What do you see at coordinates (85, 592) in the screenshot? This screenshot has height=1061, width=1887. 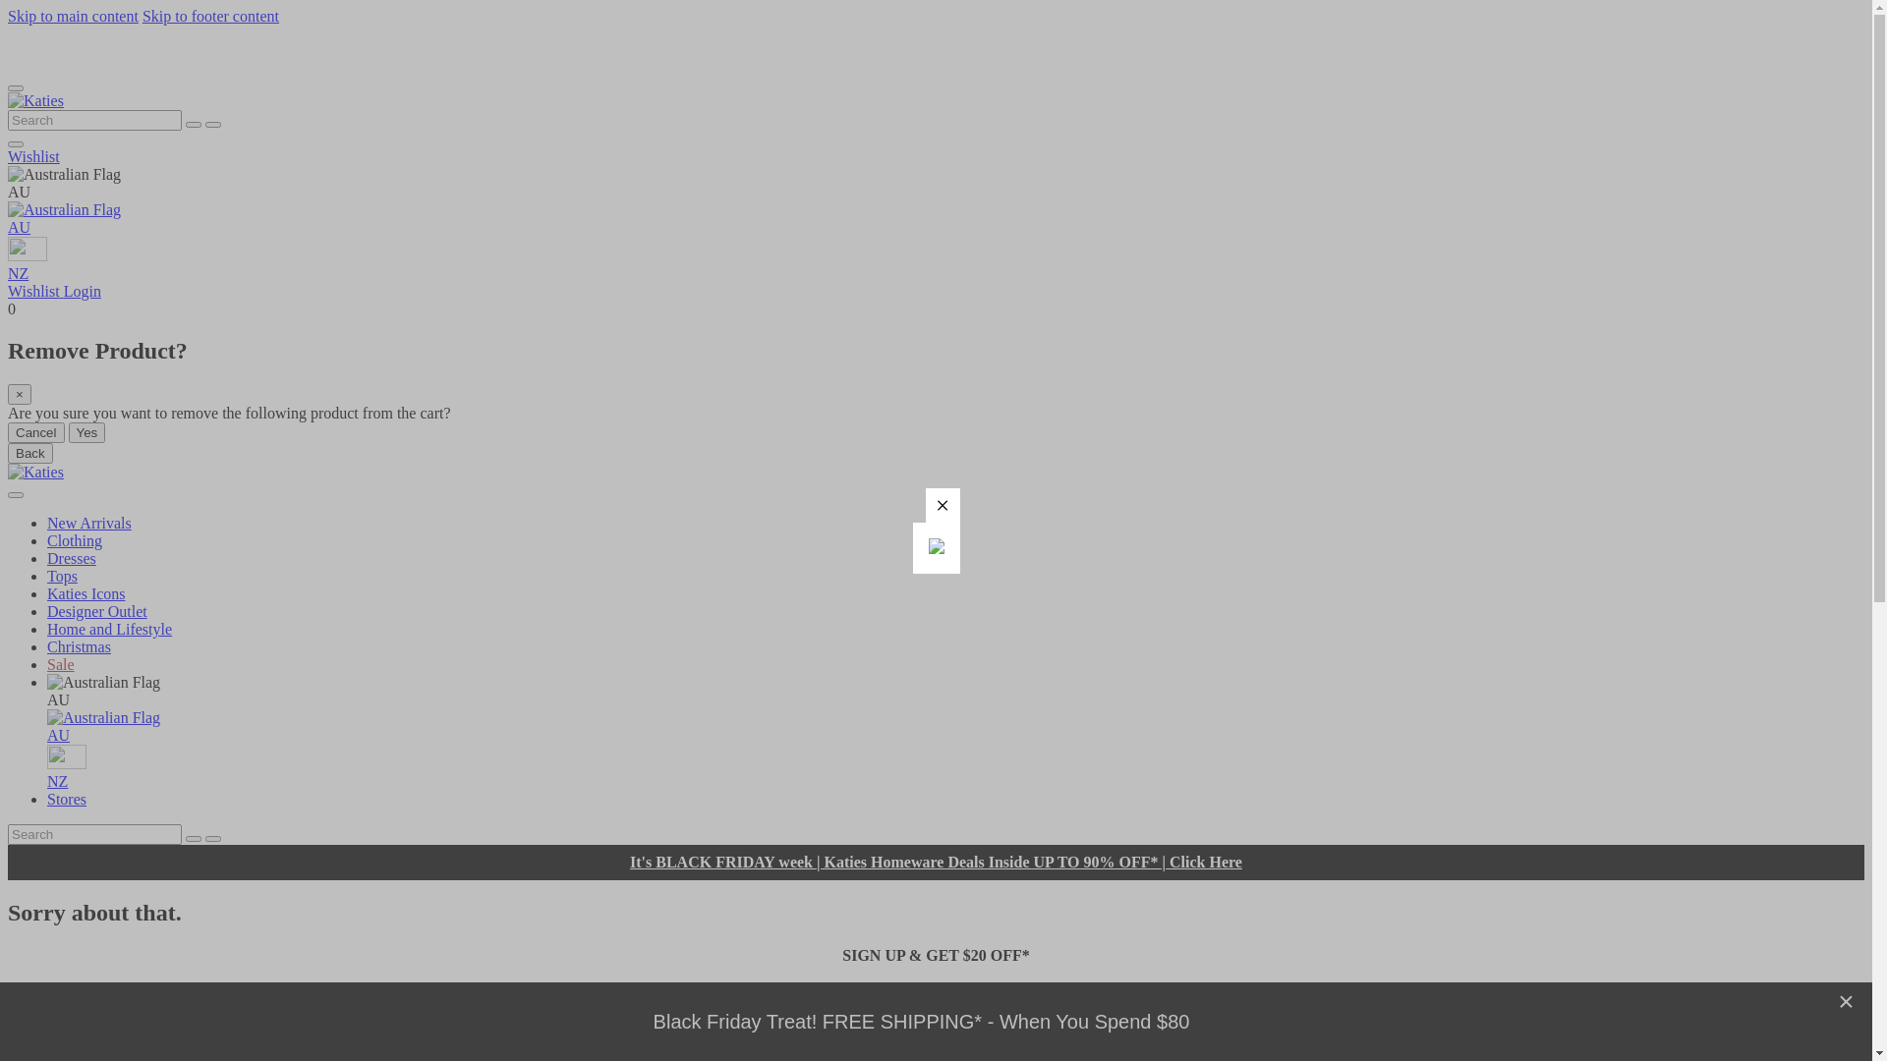 I see `'Katies Icons'` at bounding box center [85, 592].